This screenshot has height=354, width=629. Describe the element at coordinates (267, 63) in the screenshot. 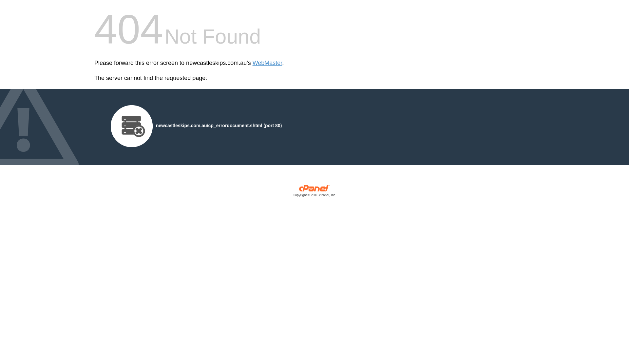

I see `'WebMaster'` at that location.